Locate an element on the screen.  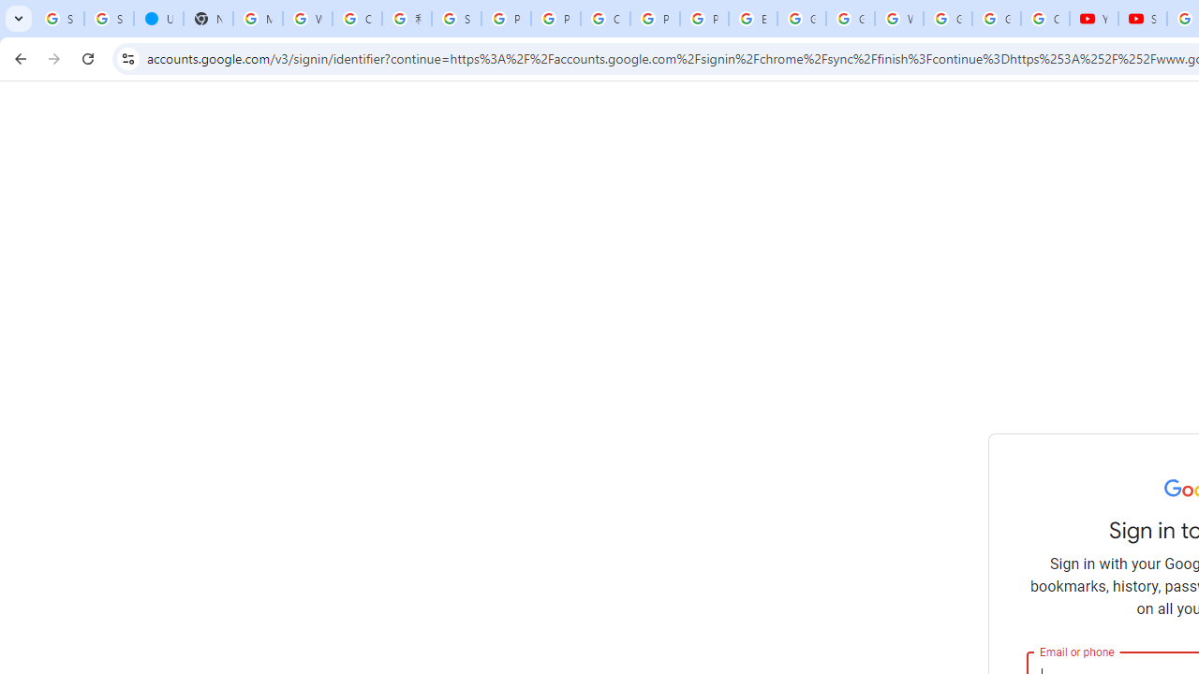
'Who is my administrator? - Google Account Help' is located at coordinates (307, 19).